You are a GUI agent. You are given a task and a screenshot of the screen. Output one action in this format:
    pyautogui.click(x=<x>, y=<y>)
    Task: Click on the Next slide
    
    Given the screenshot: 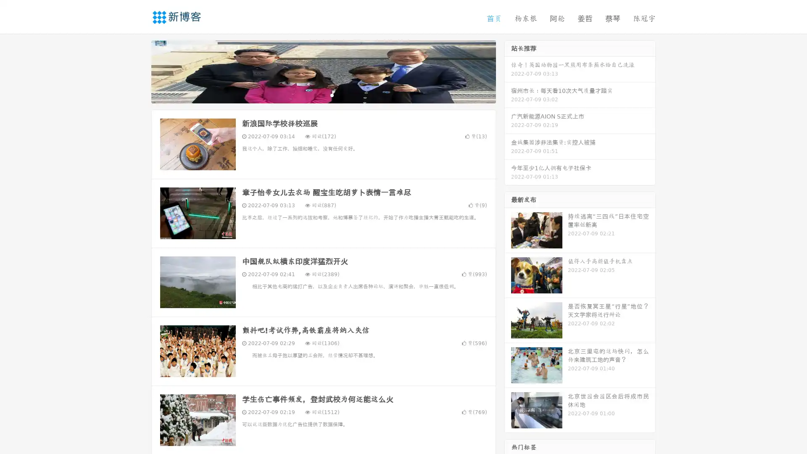 What is the action you would take?
    pyautogui.click(x=508, y=71)
    